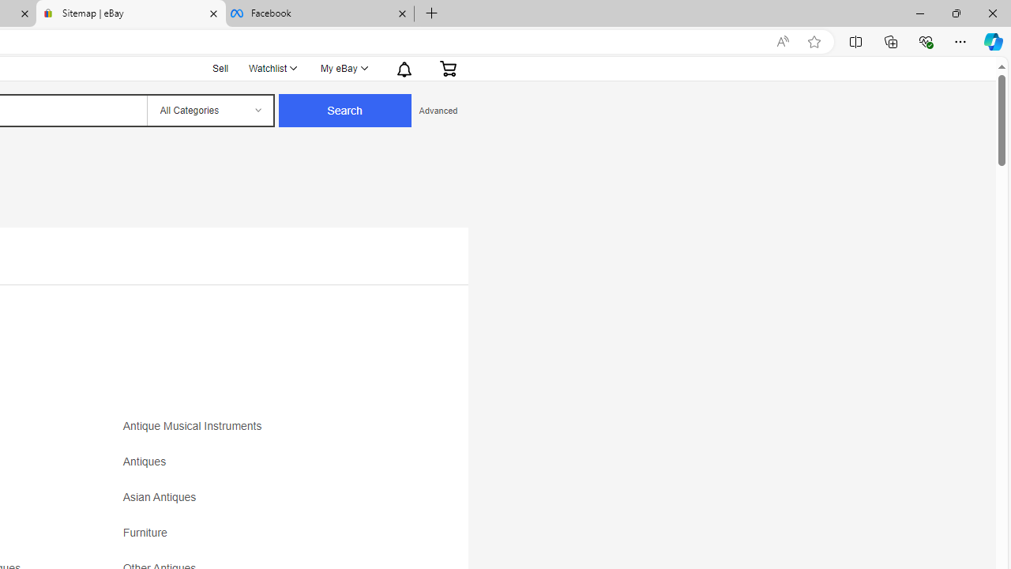 Image resolution: width=1011 pixels, height=569 pixels. I want to click on 'Your shopping cart', so click(447, 67).